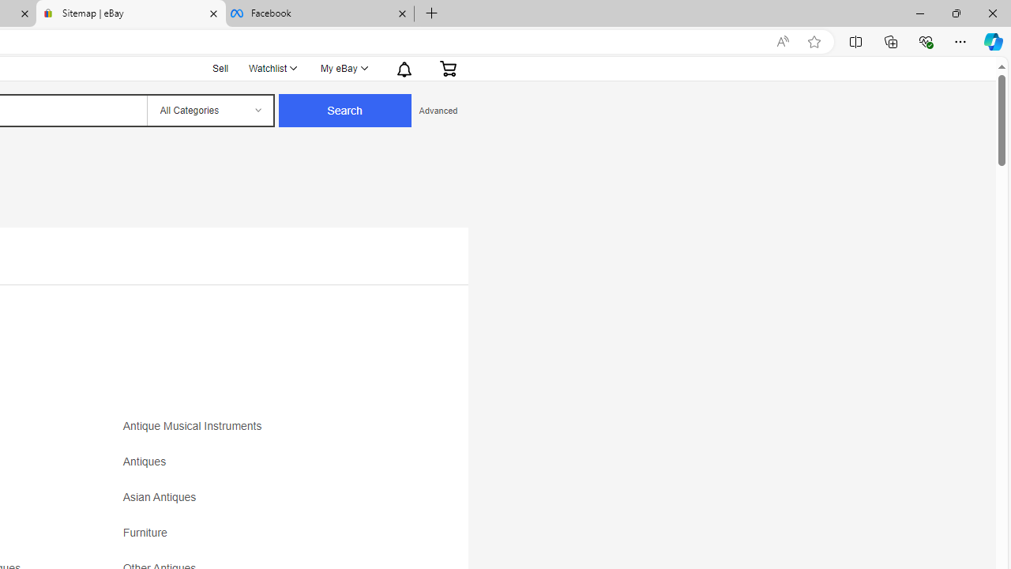 Image resolution: width=1011 pixels, height=569 pixels. I want to click on 'Your shopping cart', so click(447, 67).